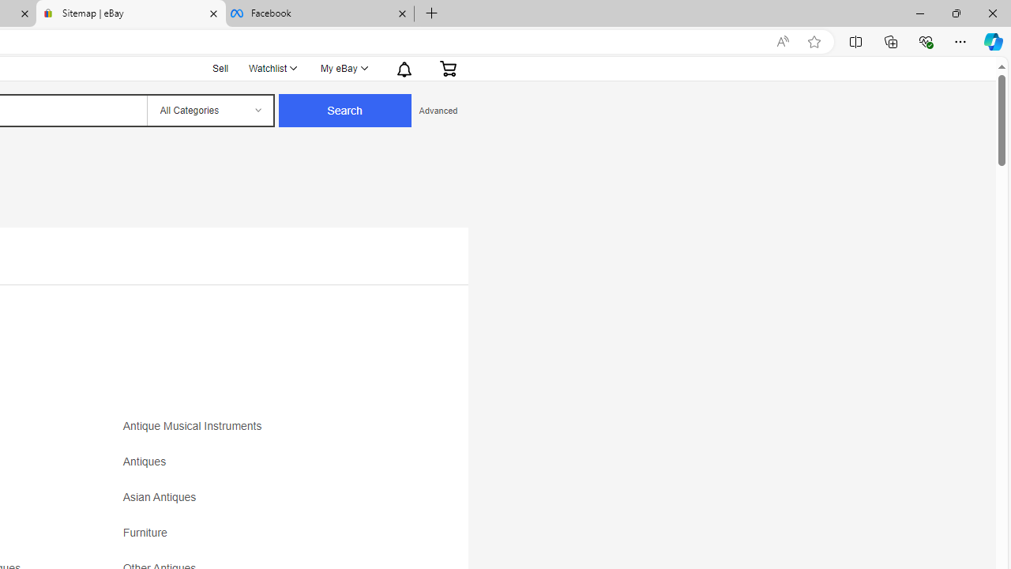 Image resolution: width=1011 pixels, height=569 pixels. I want to click on 'Your shopping cart', so click(447, 67).